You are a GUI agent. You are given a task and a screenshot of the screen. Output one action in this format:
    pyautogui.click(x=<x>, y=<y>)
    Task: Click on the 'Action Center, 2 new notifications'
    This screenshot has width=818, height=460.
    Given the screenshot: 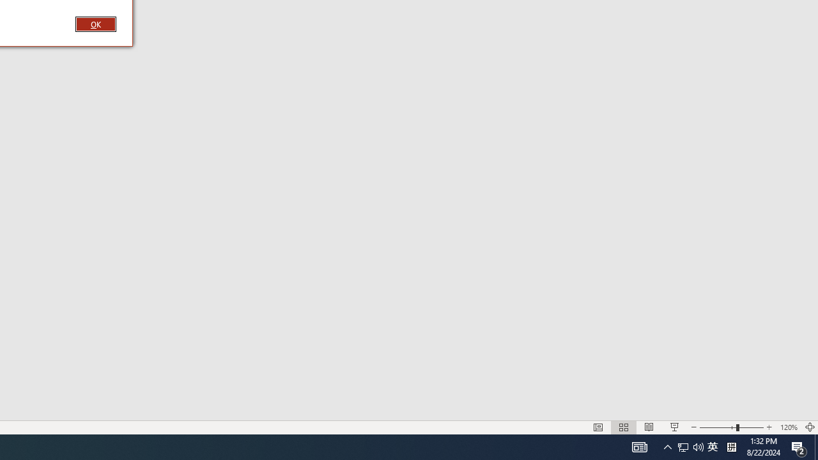 What is the action you would take?
    pyautogui.click(x=799, y=446)
    